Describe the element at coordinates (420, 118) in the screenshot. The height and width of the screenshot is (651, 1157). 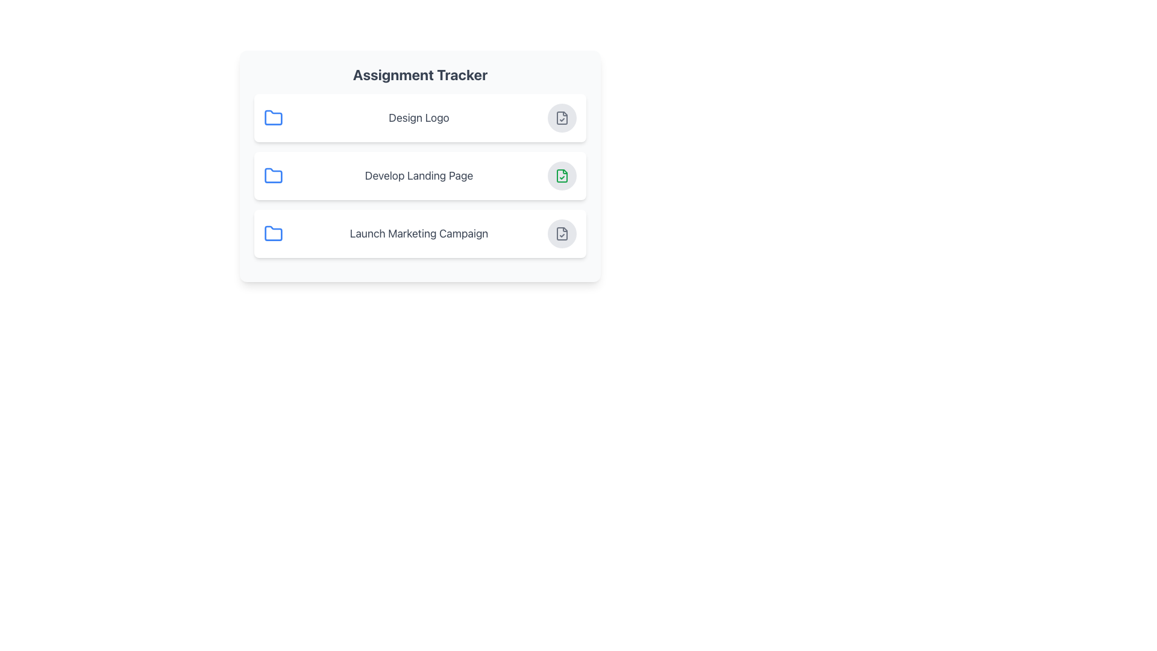
I see `the 'Design Logo' text in the interactive card to edit or view more information` at that location.